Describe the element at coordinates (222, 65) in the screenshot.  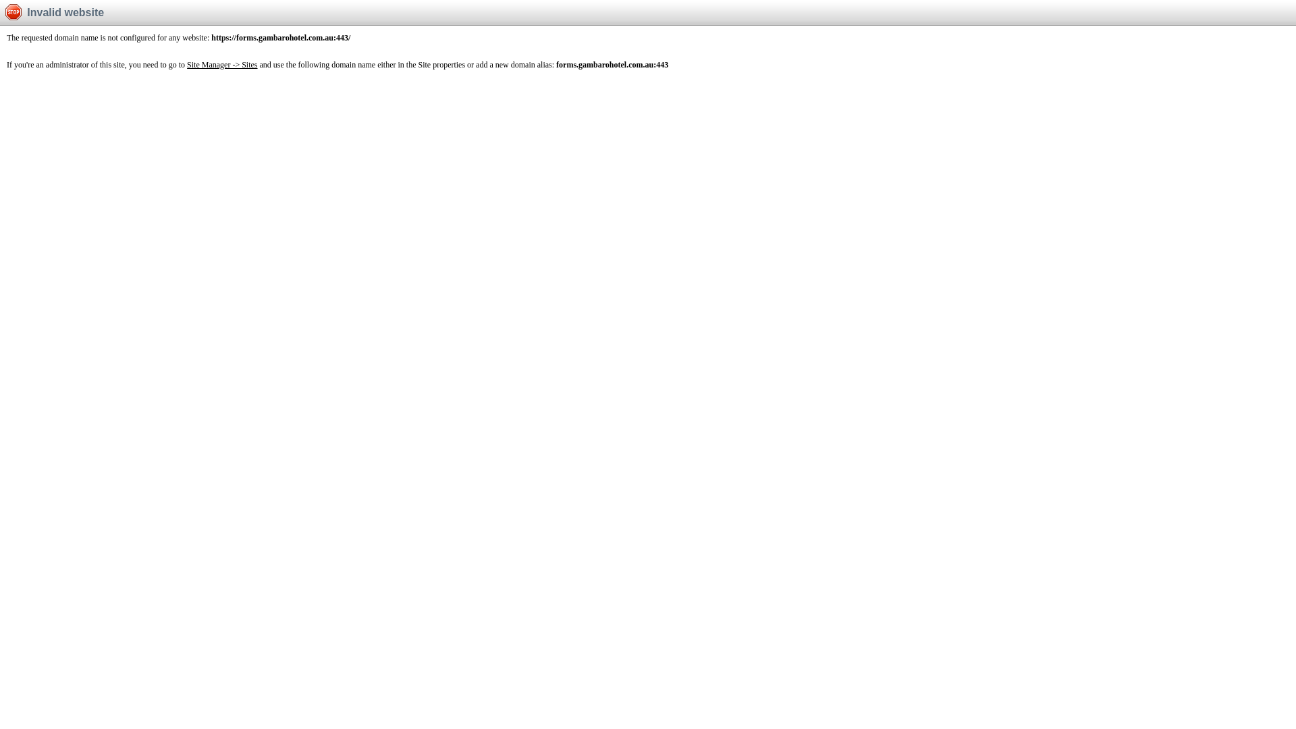
I see `'Site Manager -> Sites'` at that location.